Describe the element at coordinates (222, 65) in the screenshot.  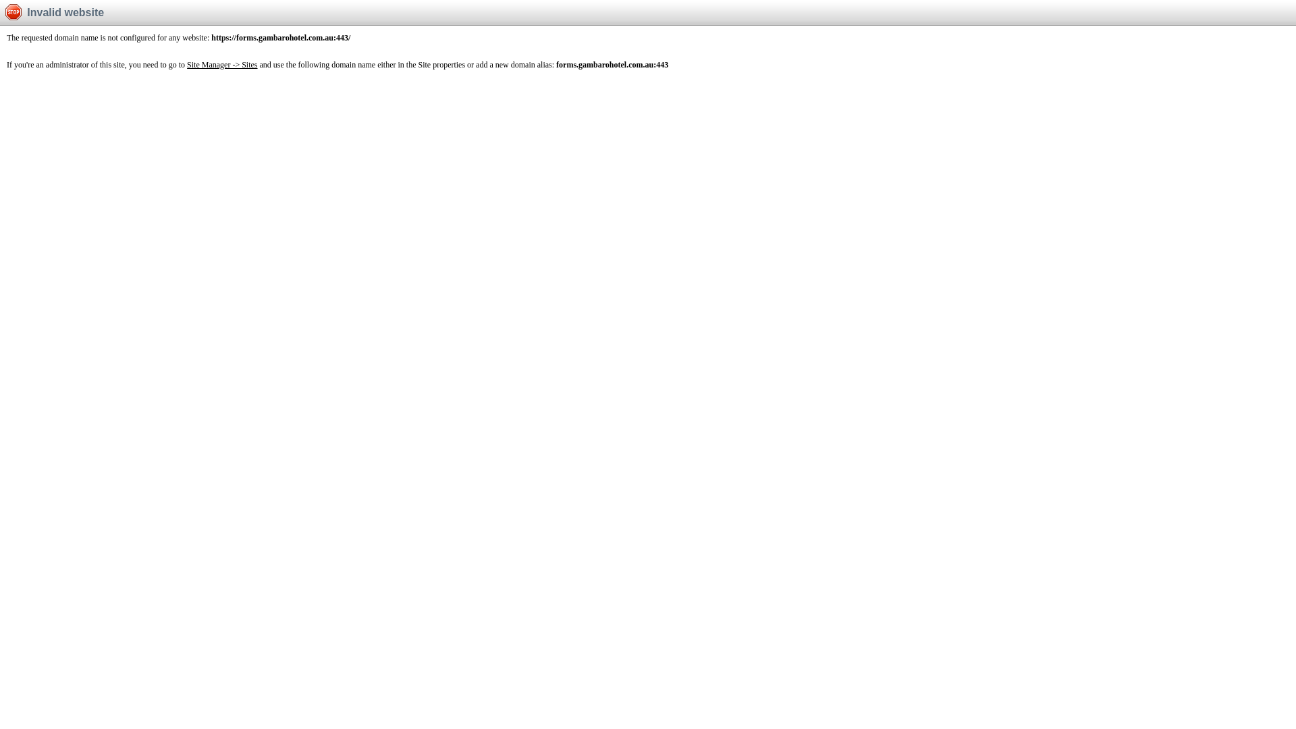
I see `'Site Manager -> Sites'` at that location.